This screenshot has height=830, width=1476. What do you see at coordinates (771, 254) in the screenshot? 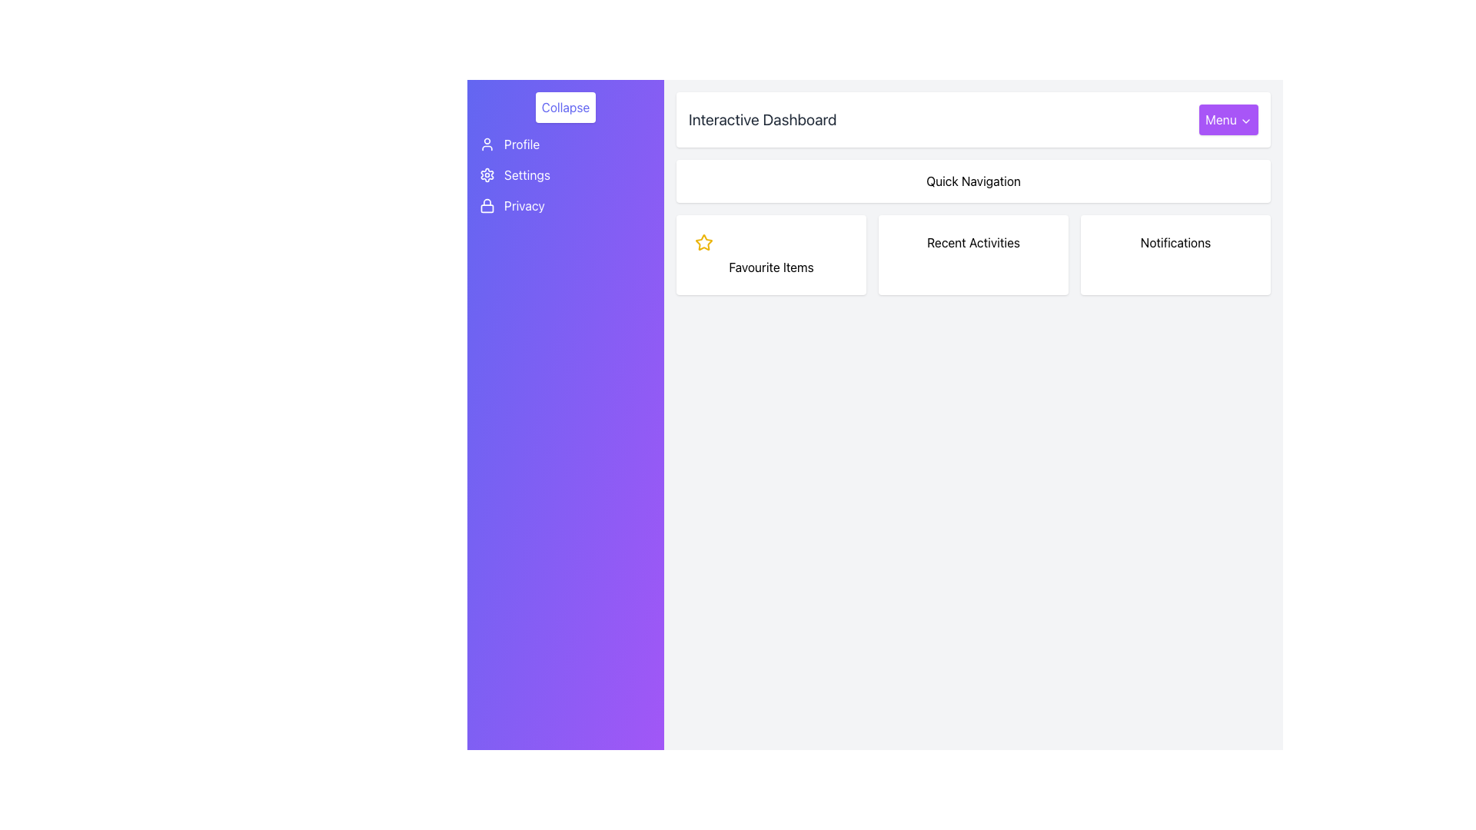
I see `the 'Favourite Items' card located in the leftmost column of the three-column grid layout, which is the first element below the 'Quick Navigation' label` at bounding box center [771, 254].